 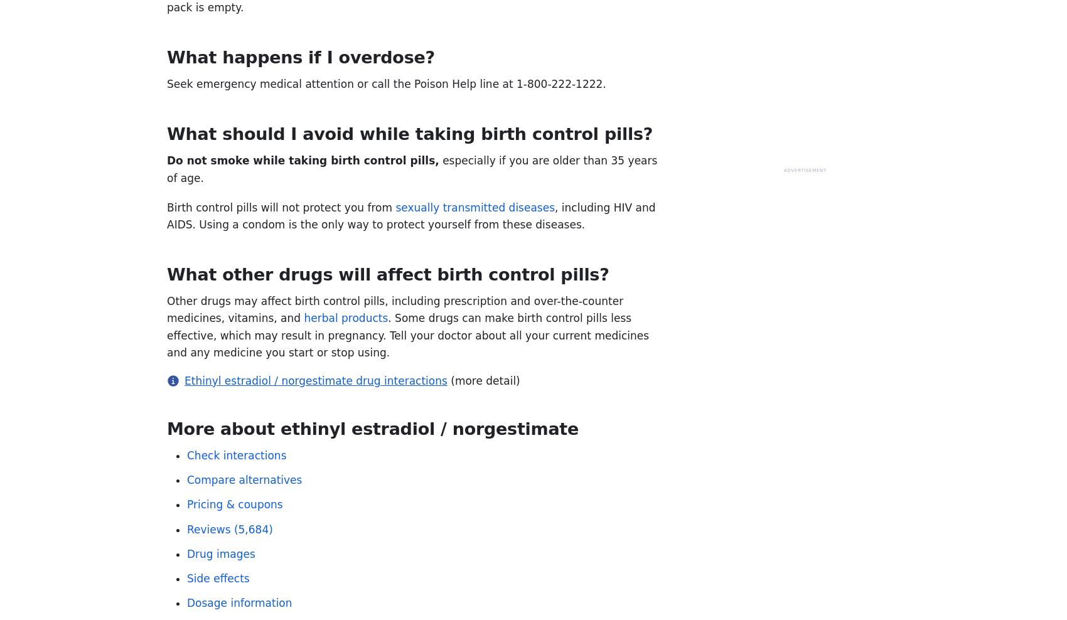 I want to click on 'Do not smoke while taking birth control pills,', so click(x=303, y=159).